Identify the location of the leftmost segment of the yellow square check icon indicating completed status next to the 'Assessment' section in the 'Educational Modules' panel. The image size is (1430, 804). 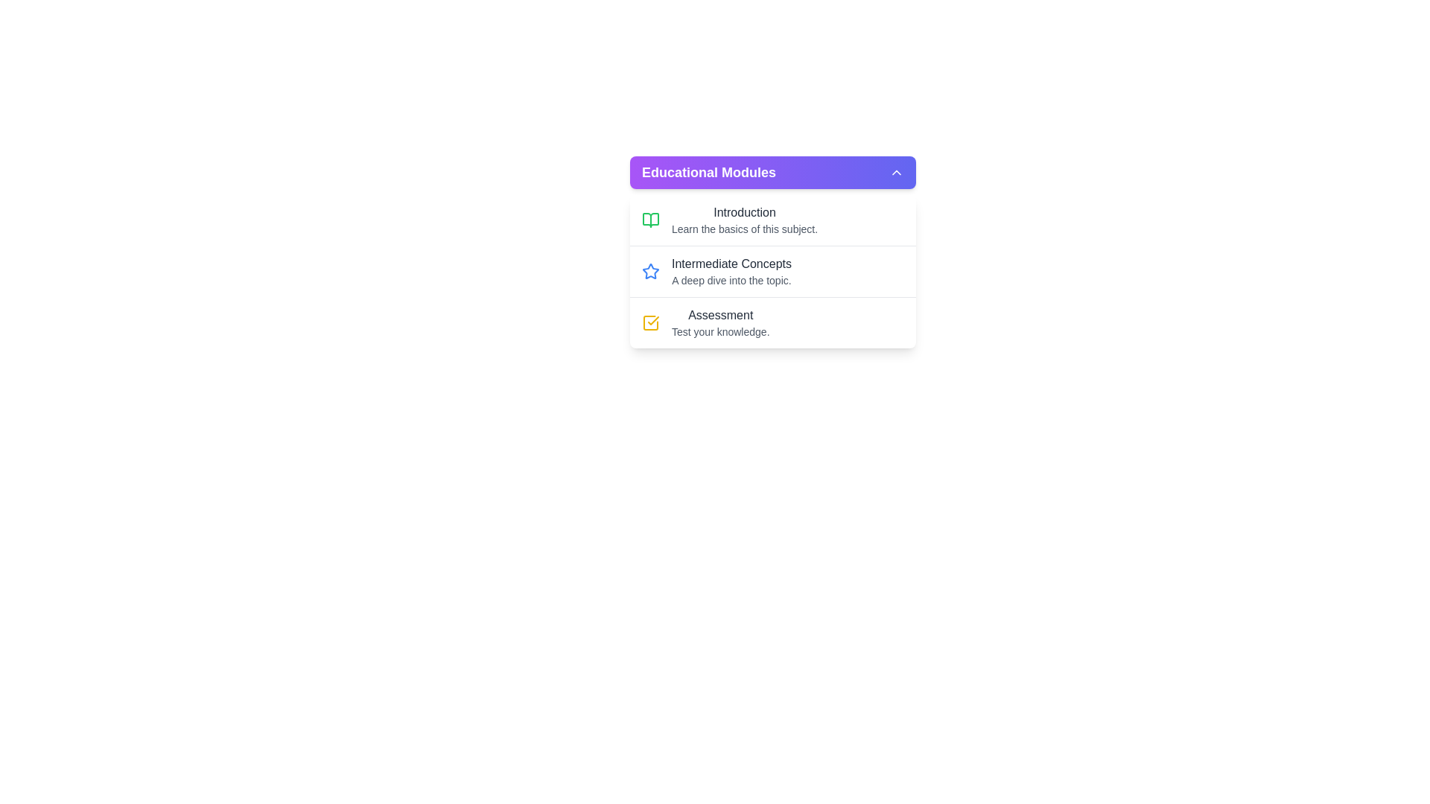
(650, 322).